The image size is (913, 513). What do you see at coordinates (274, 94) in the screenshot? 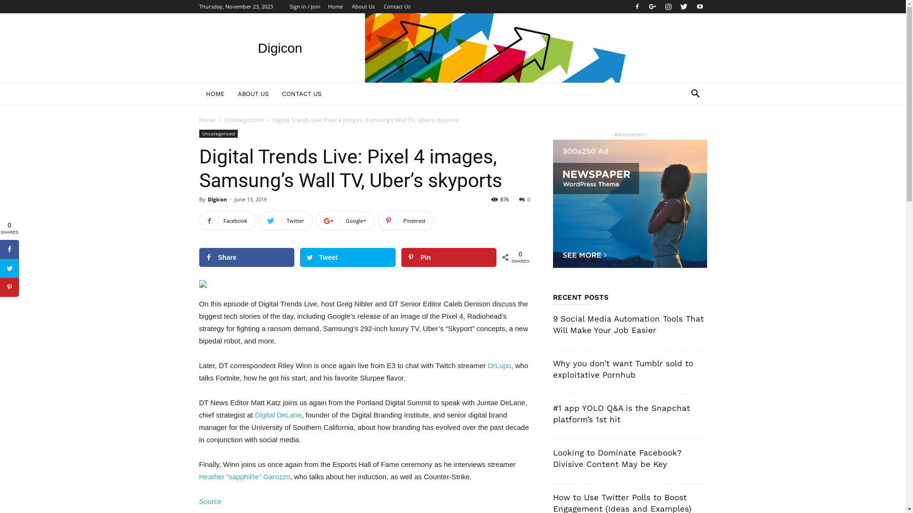
I see `'CONTACT US'` at bounding box center [274, 94].